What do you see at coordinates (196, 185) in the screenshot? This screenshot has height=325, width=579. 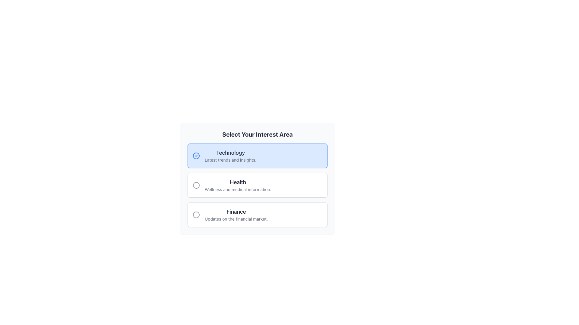 I see `the selectable circular option indicator located to the left of the 'Health' text` at bounding box center [196, 185].